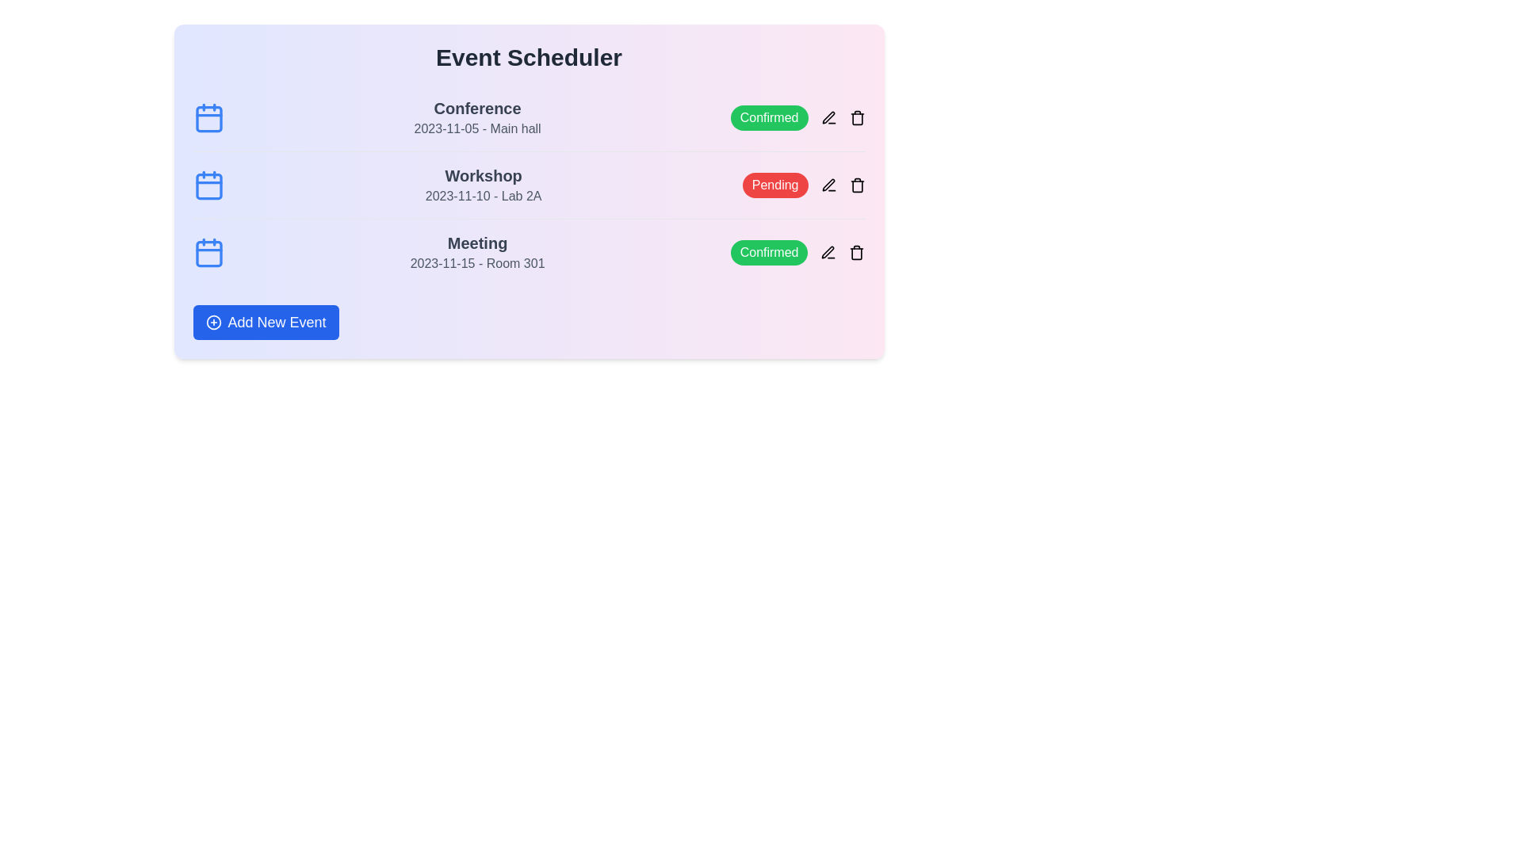  What do you see at coordinates (208, 117) in the screenshot?
I see `the calendar icon at the leftmost side of the row for the Conference event dated '2023-11-05 - Main hall'` at bounding box center [208, 117].